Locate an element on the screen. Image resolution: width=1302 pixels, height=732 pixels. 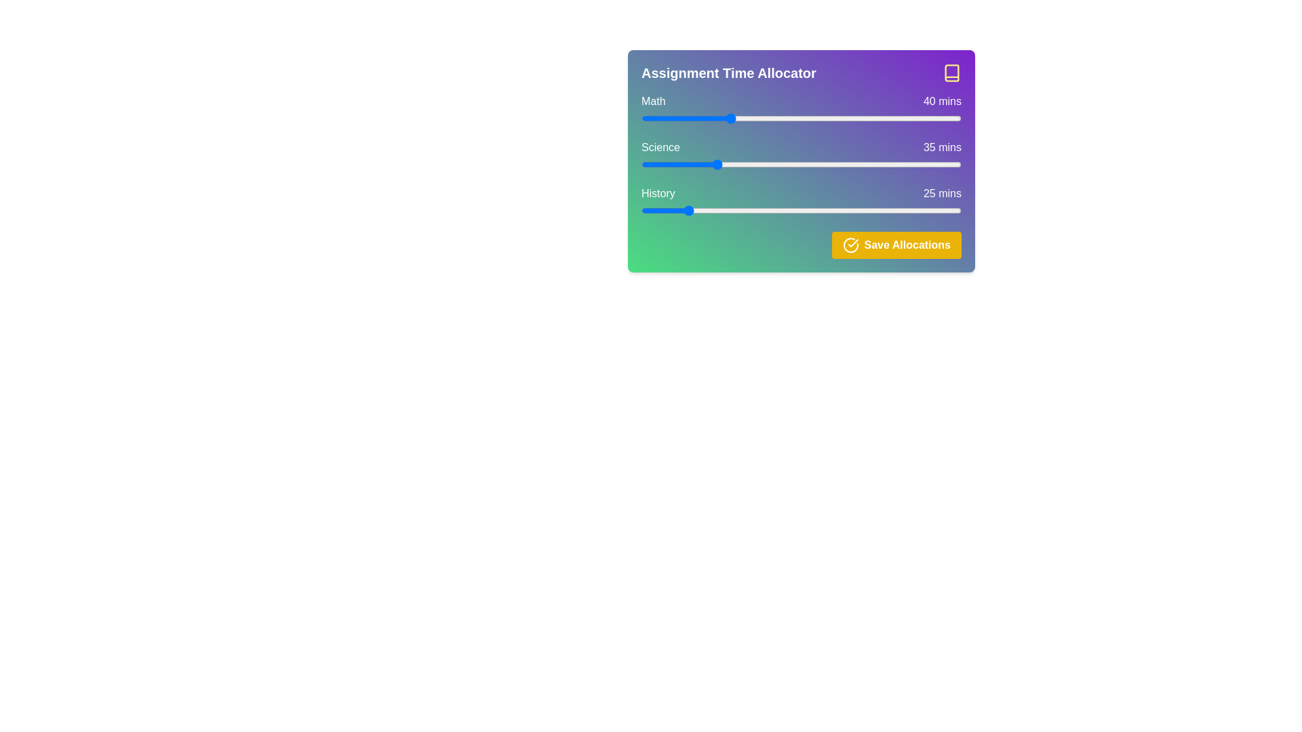
allocation time is located at coordinates (705, 164).